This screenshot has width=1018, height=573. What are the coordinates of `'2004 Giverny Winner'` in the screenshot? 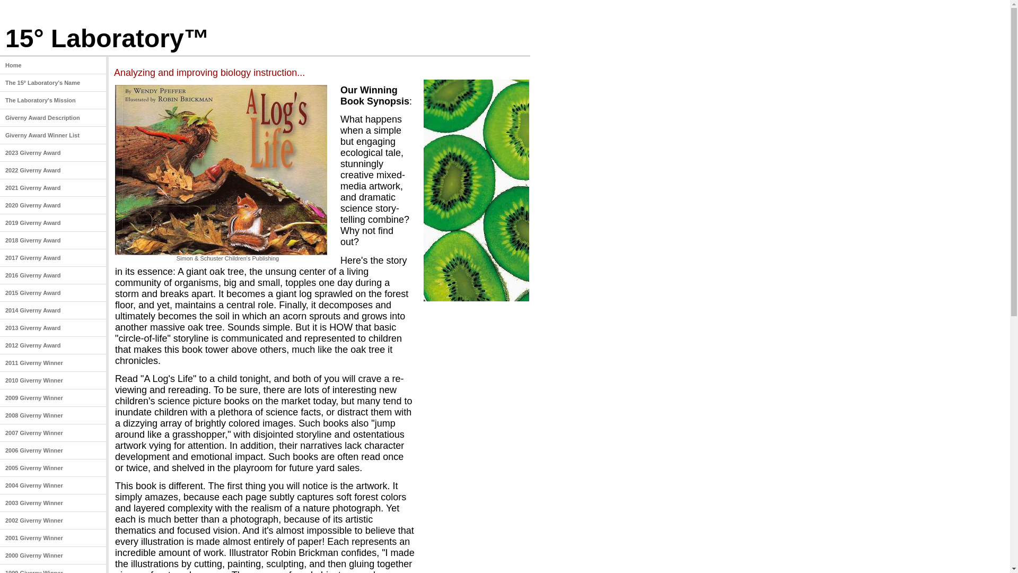 It's located at (52, 485).